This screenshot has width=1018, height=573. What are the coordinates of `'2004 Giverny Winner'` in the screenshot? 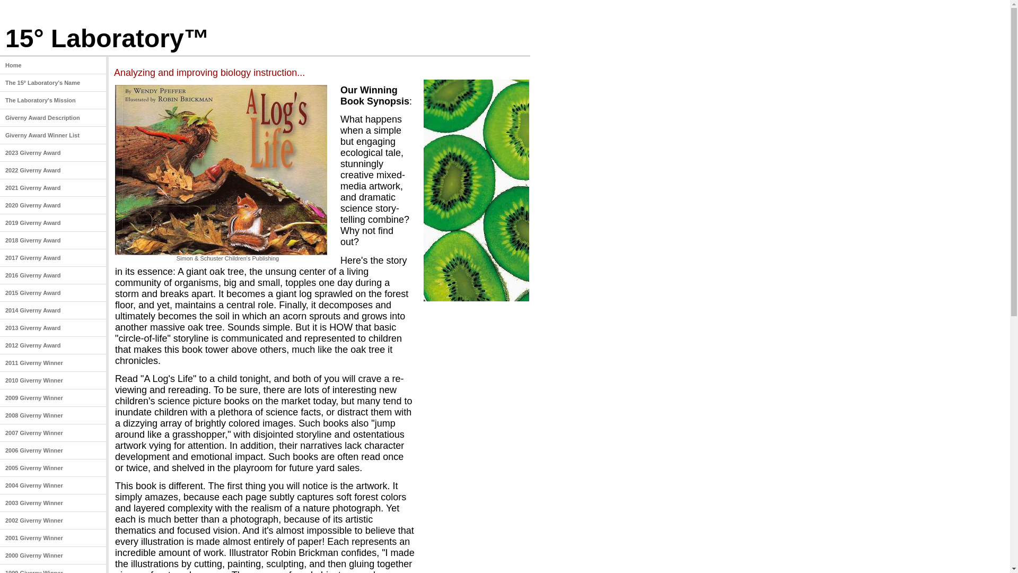 It's located at (52, 485).